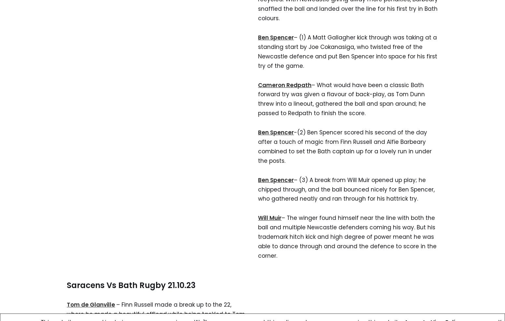 Image resolution: width=505 pixels, height=321 pixels. I want to click on '– What would have been a classic Bath forward try was given a flavour of back-play, as Tom Dunn threw into a lineout, gathered the ball and span around; he passed to Redpath to finish the score.', so click(258, 99).